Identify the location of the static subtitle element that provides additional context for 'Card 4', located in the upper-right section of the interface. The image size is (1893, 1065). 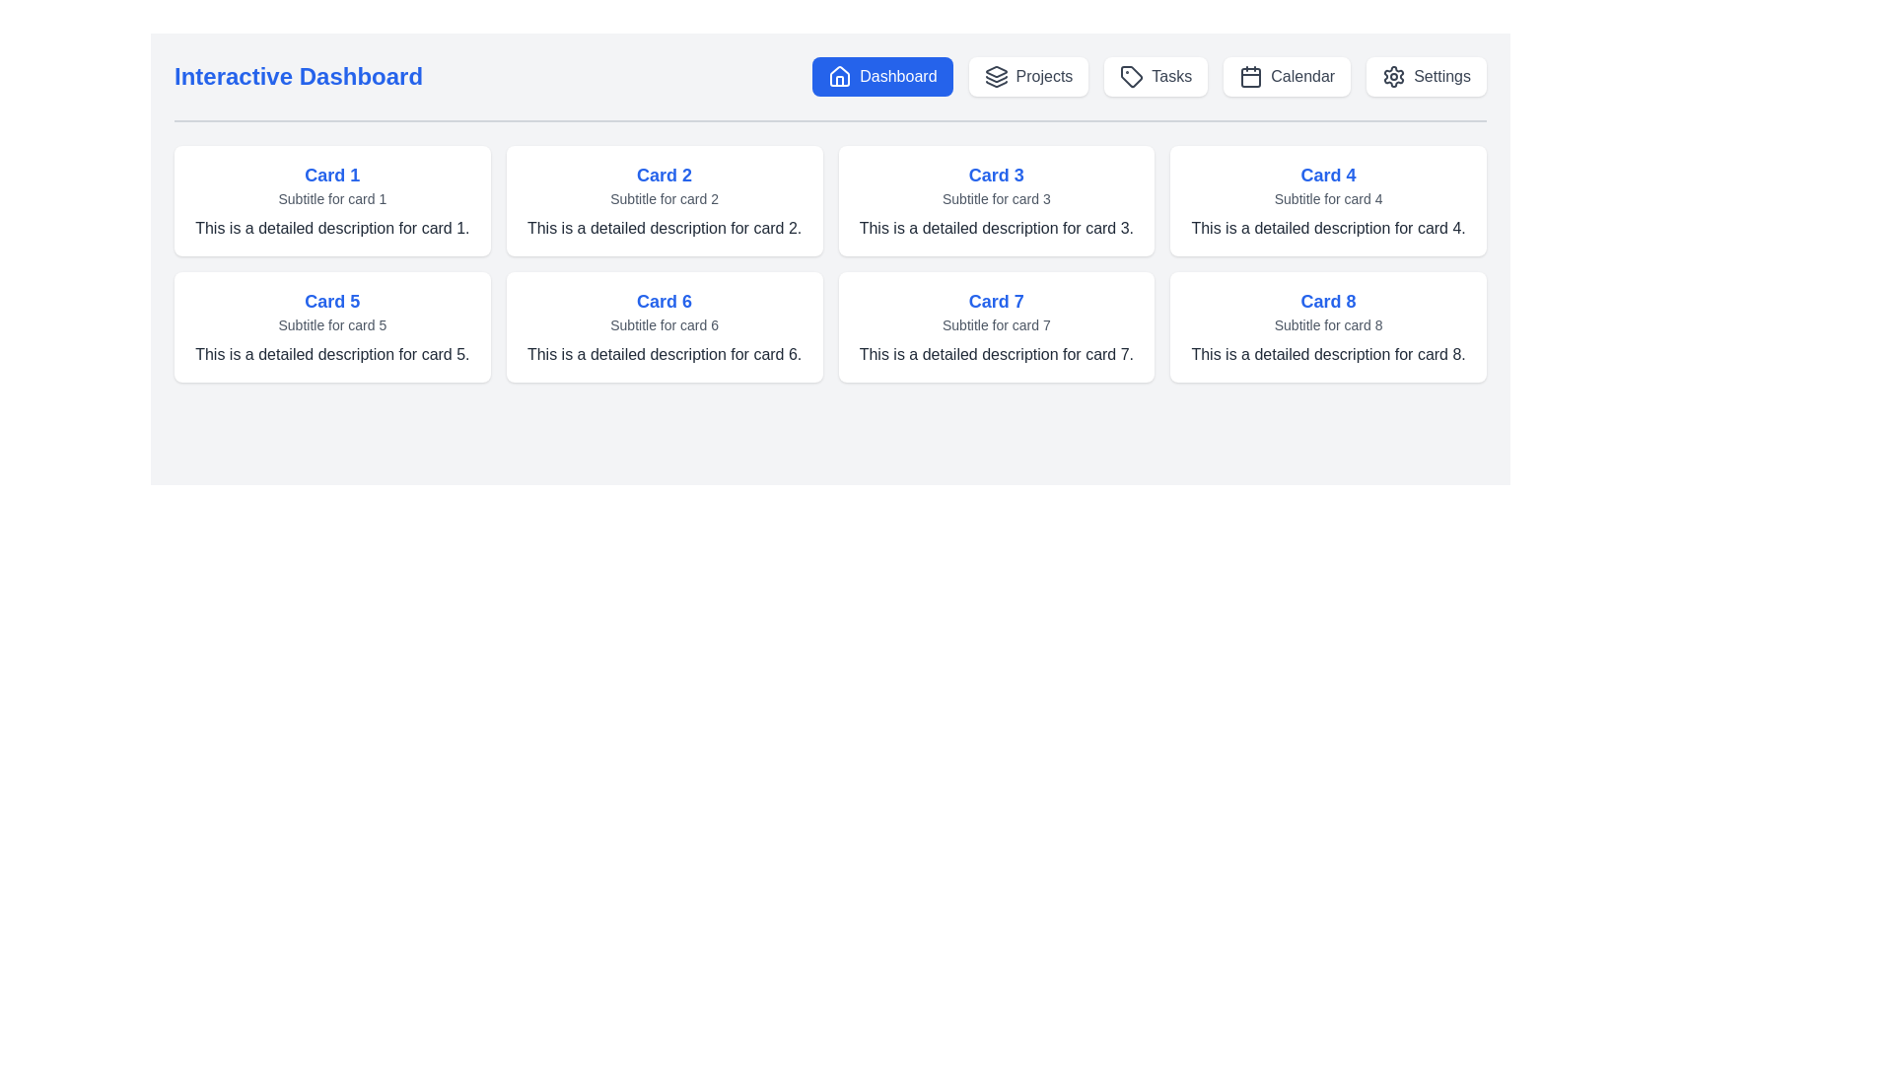
(1328, 198).